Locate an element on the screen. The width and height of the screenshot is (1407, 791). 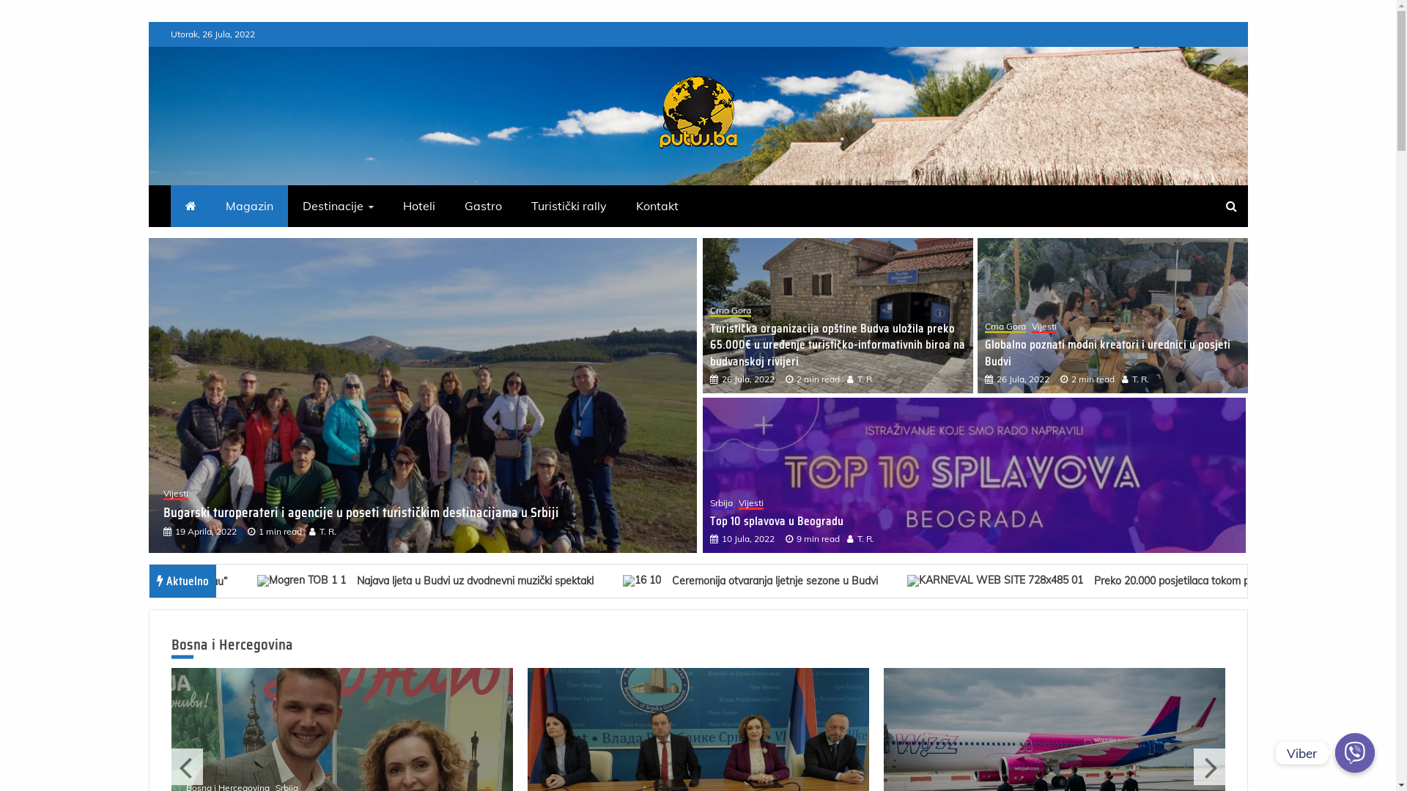
'Kontakt' is located at coordinates (657, 206).